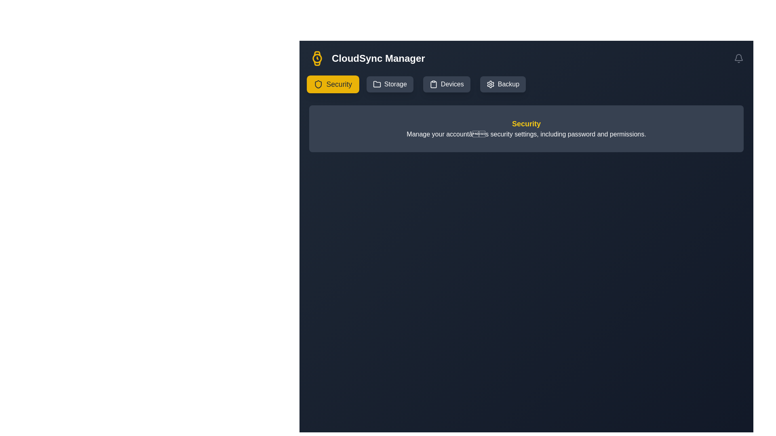 Image resolution: width=776 pixels, height=436 pixels. I want to click on the shield-shaped icon with a yellow background located within the 'Security' button in the top-left quadrant of the interface, so click(318, 84).